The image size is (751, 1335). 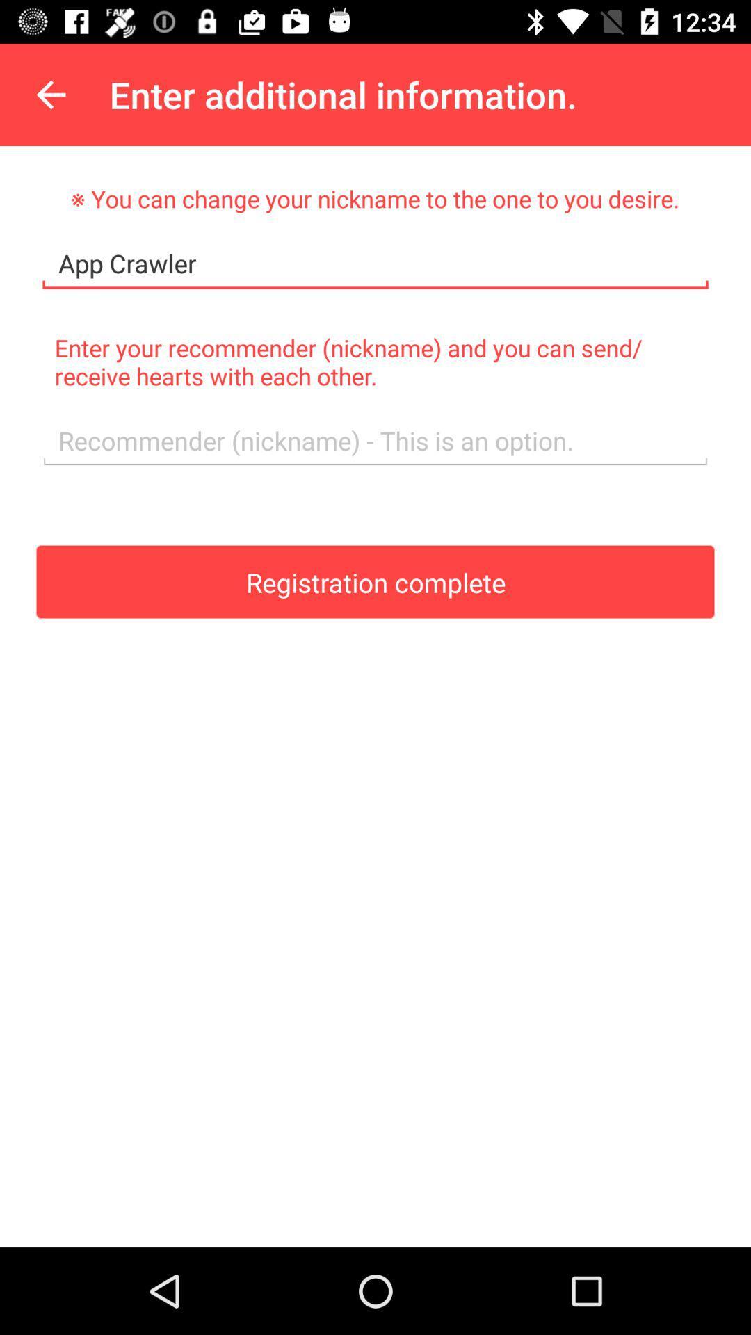 What do you see at coordinates (50, 94) in the screenshot?
I see `icon next to the enter additional information. icon` at bounding box center [50, 94].